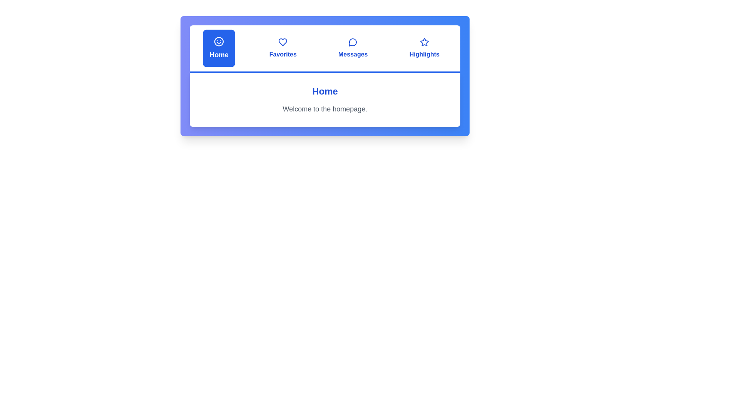 The width and height of the screenshot is (739, 415). What do you see at coordinates (352, 48) in the screenshot?
I see `the tab labeled Messages` at bounding box center [352, 48].